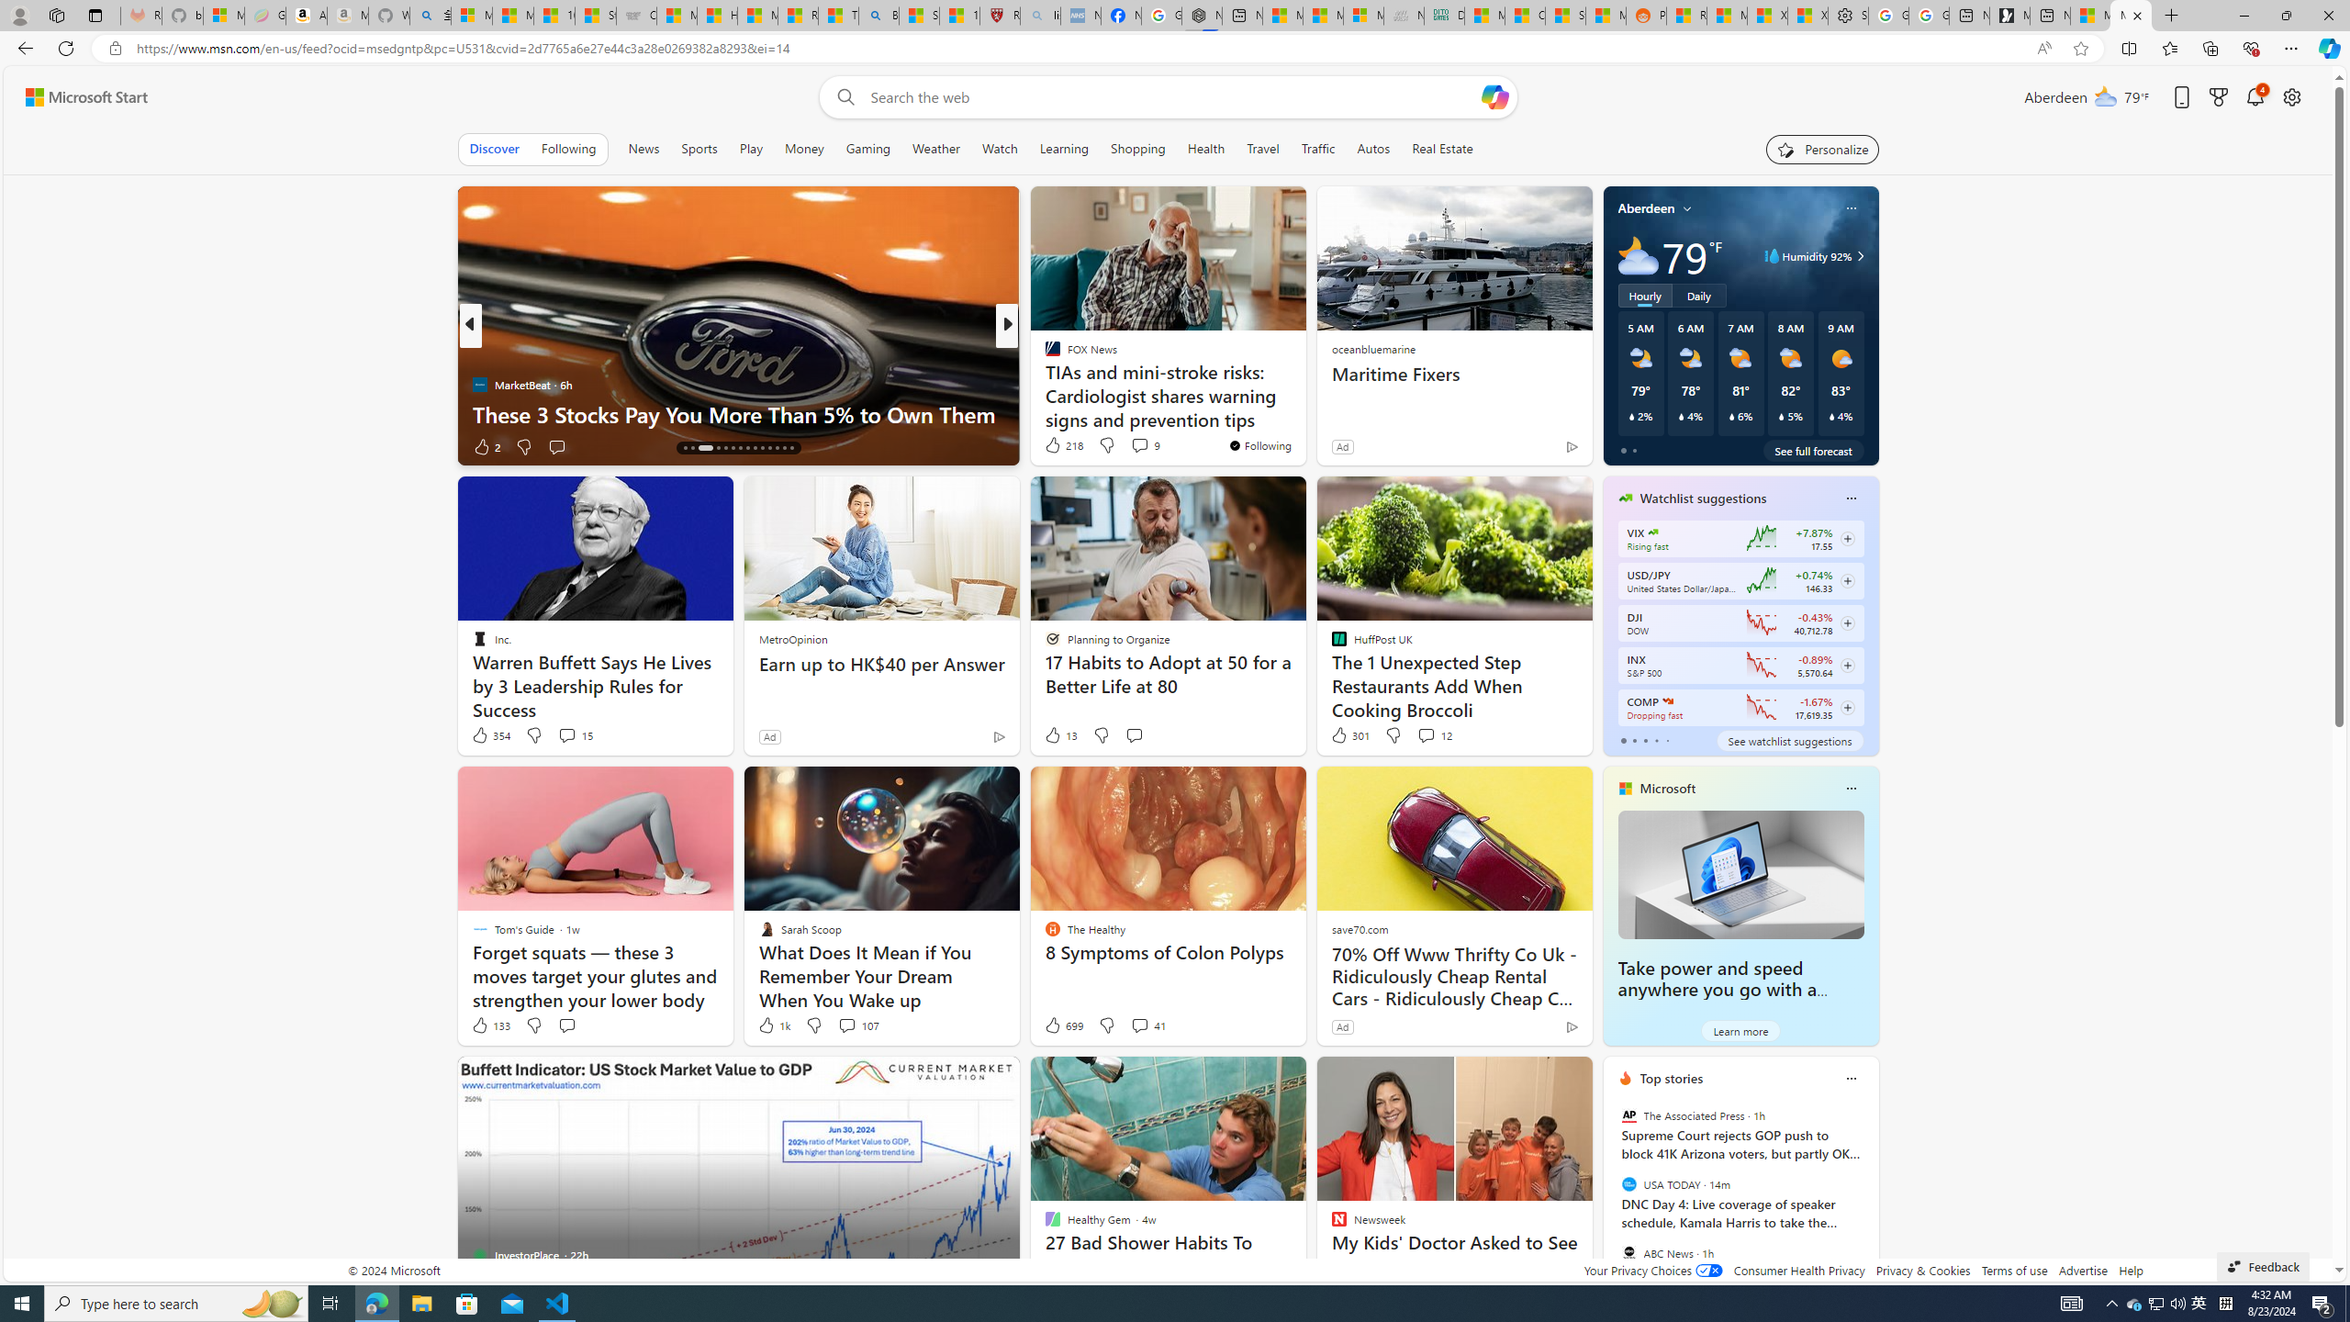 This screenshot has height=1322, width=2350. What do you see at coordinates (1651, 532) in the screenshot?
I see `'CBOE Market Volatility Index'` at bounding box center [1651, 532].